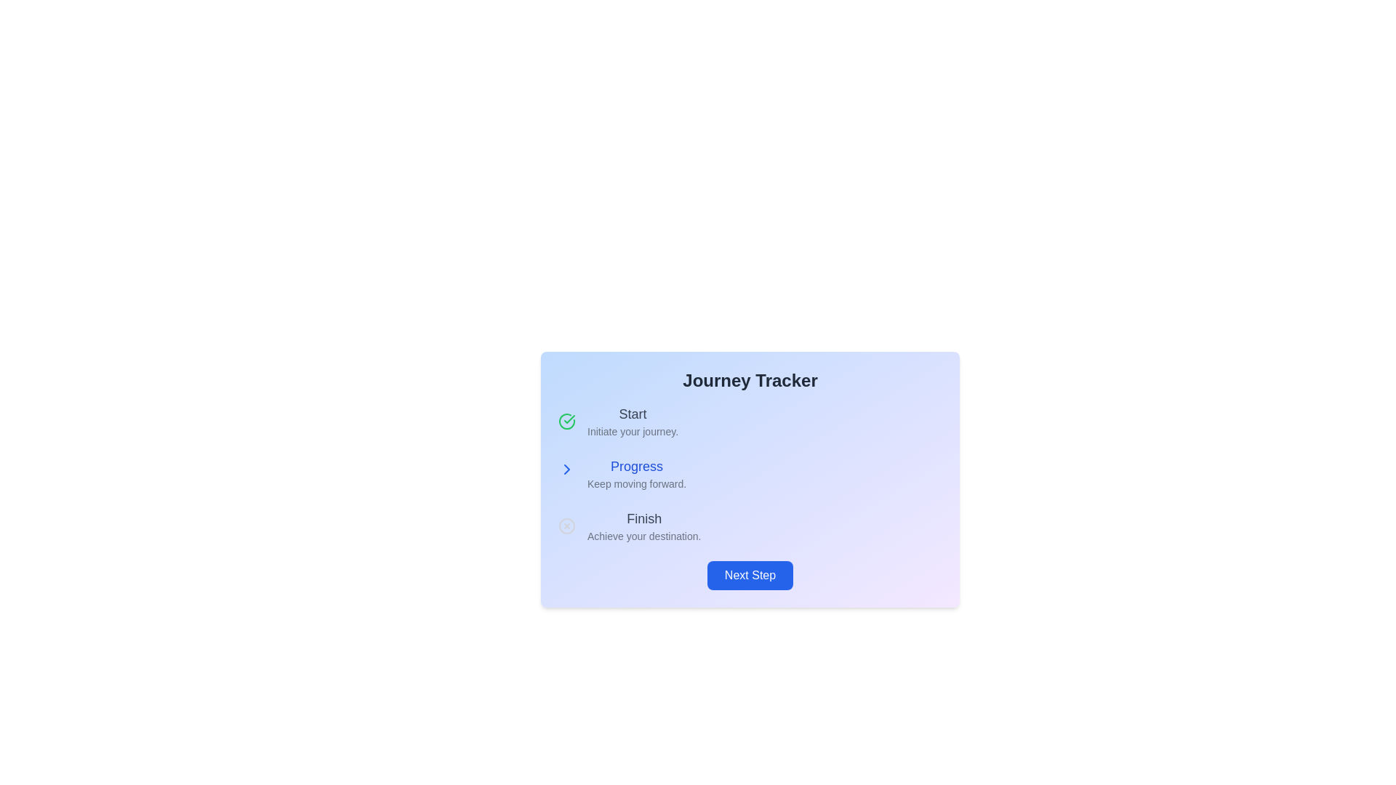  I want to click on messages conveyed in the Progress indicator row labeled 'Finish' with the subtitle 'Achieve your destination.', so click(750, 526).